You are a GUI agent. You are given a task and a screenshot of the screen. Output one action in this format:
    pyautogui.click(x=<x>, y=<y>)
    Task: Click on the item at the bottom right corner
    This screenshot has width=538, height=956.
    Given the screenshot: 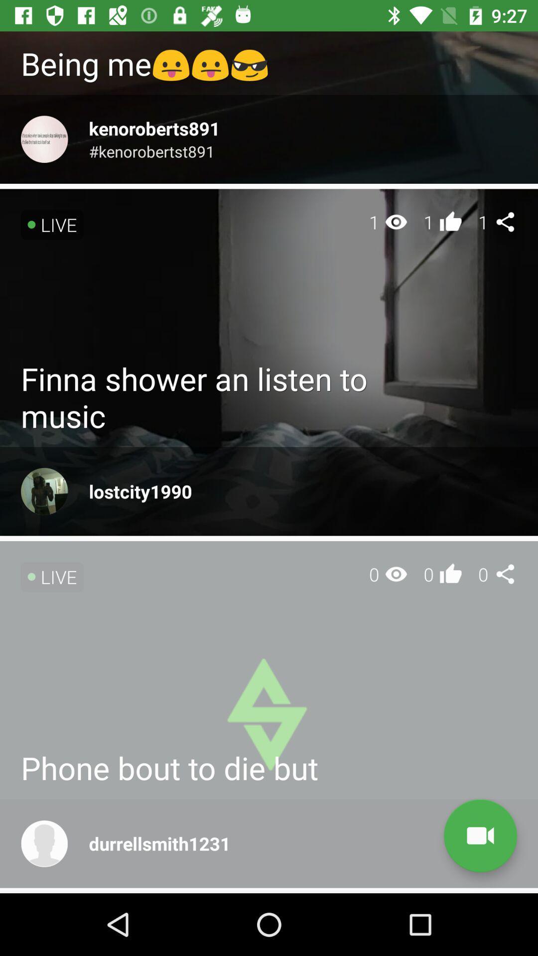 What is the action you would take?
    pyautogui.click(x=480, y=836)
    